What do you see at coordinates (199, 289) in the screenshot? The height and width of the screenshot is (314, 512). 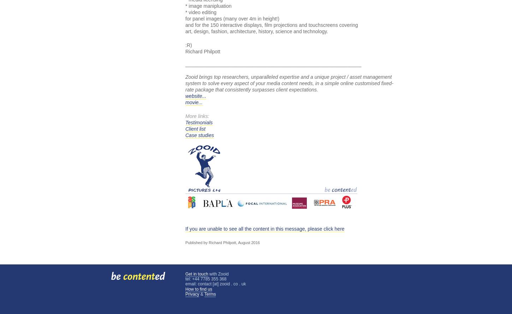 I see `'How to find us'` at bounding box center [199, 289].